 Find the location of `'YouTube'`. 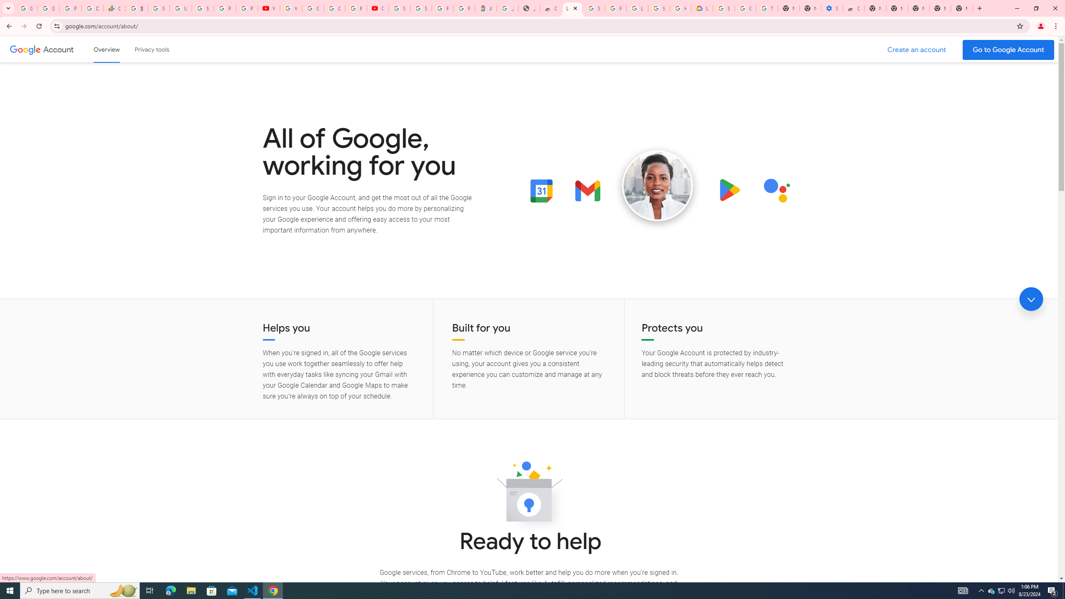

'YouTube' is located at coordinates (290, 8).